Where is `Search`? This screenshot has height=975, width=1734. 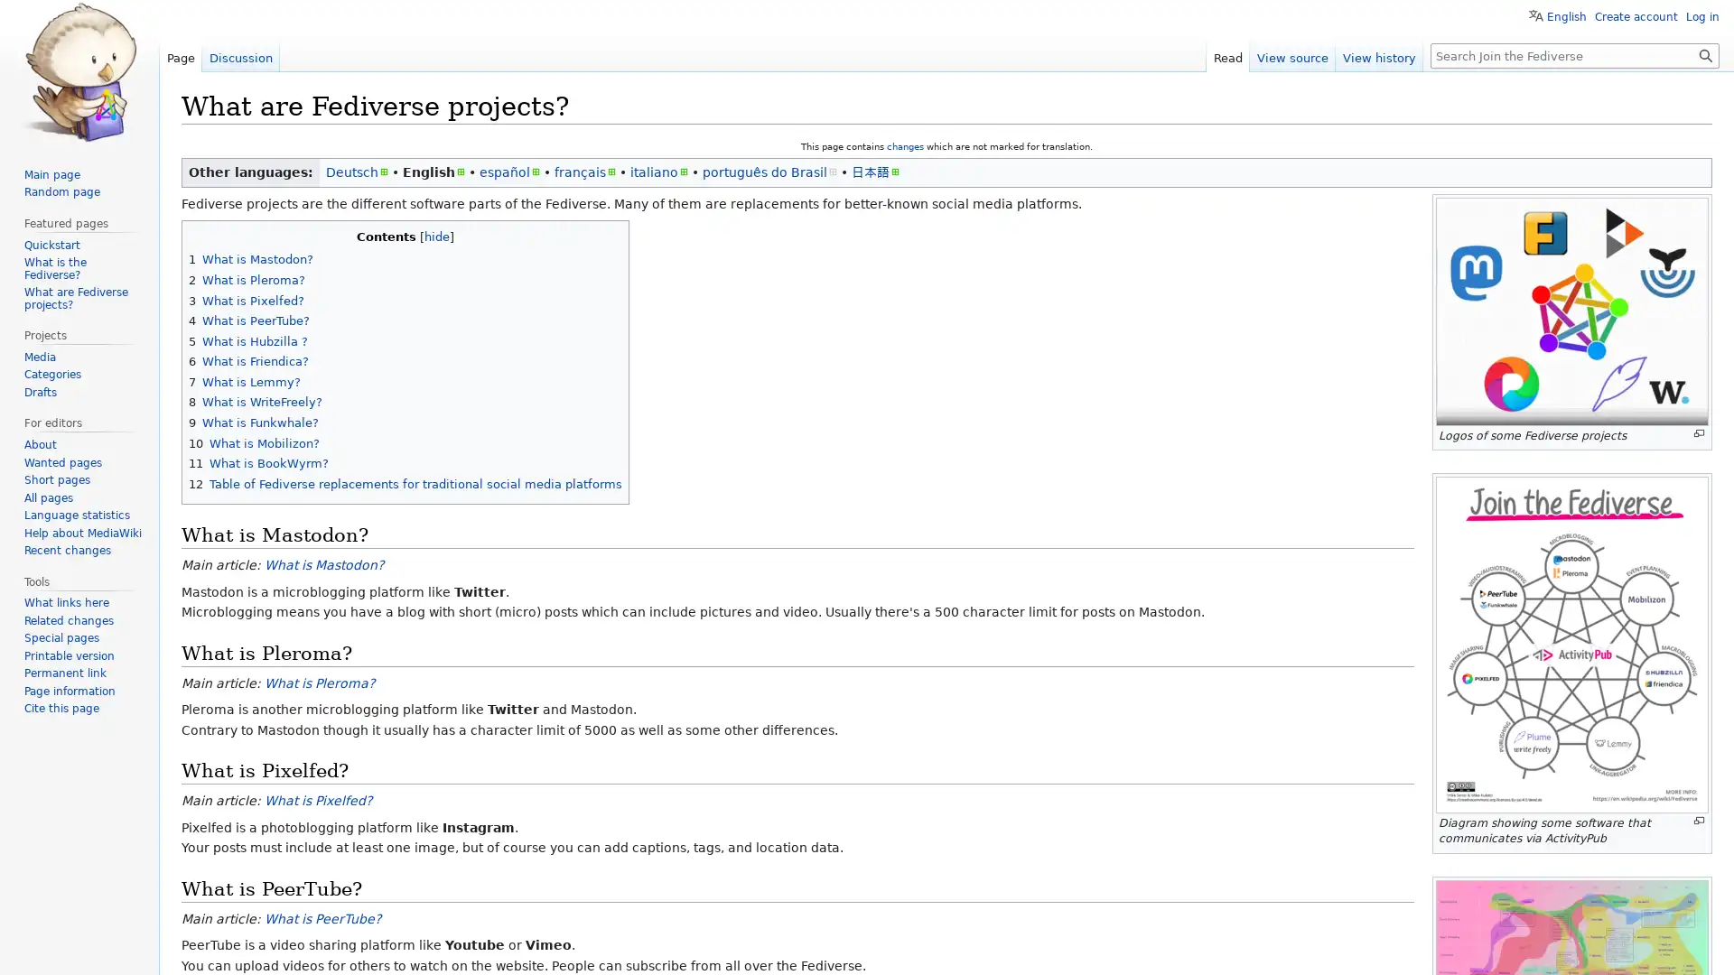
Search is located at coordinates (1705, 54).